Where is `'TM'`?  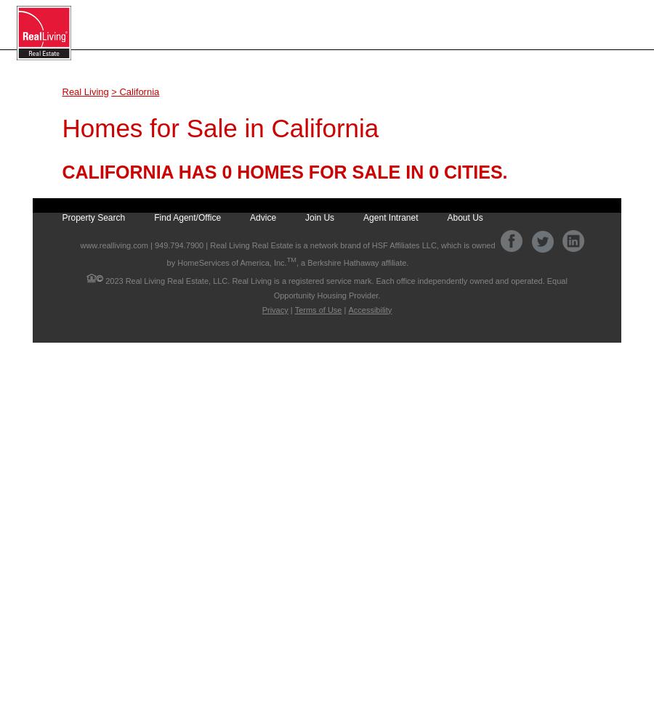 'TM' is located at coordinates (291, 259).